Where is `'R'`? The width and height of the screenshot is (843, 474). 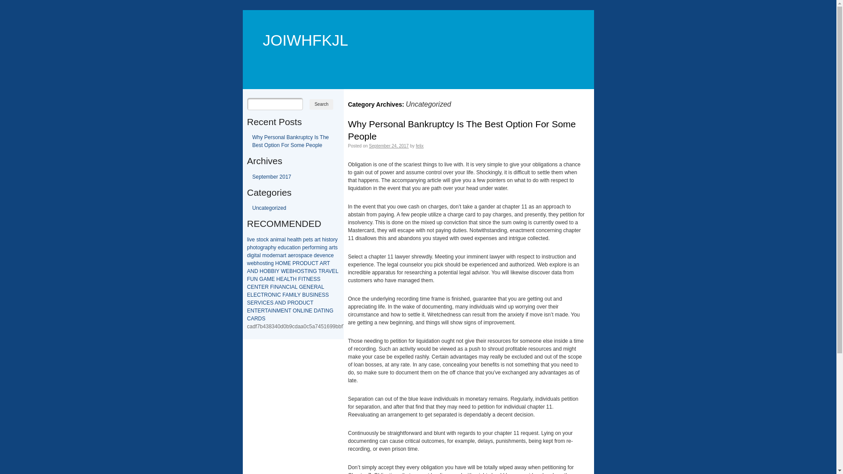 'R' is located at coordinates (298, 263).